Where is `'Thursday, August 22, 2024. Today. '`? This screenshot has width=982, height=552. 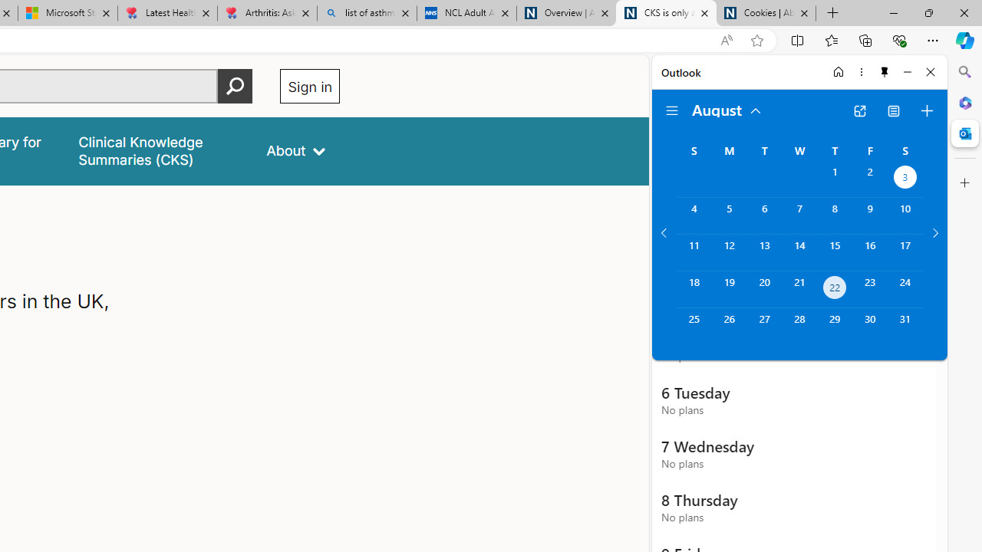 'Thursday, August 22, 2024. Today. ' is located at coordinates (834, 289).